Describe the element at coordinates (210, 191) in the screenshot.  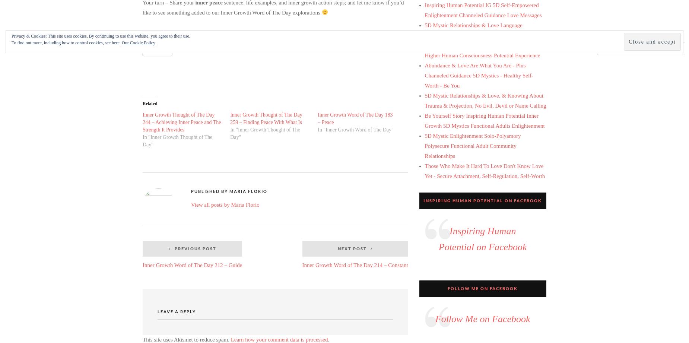
I see `'Published by'` at that location.